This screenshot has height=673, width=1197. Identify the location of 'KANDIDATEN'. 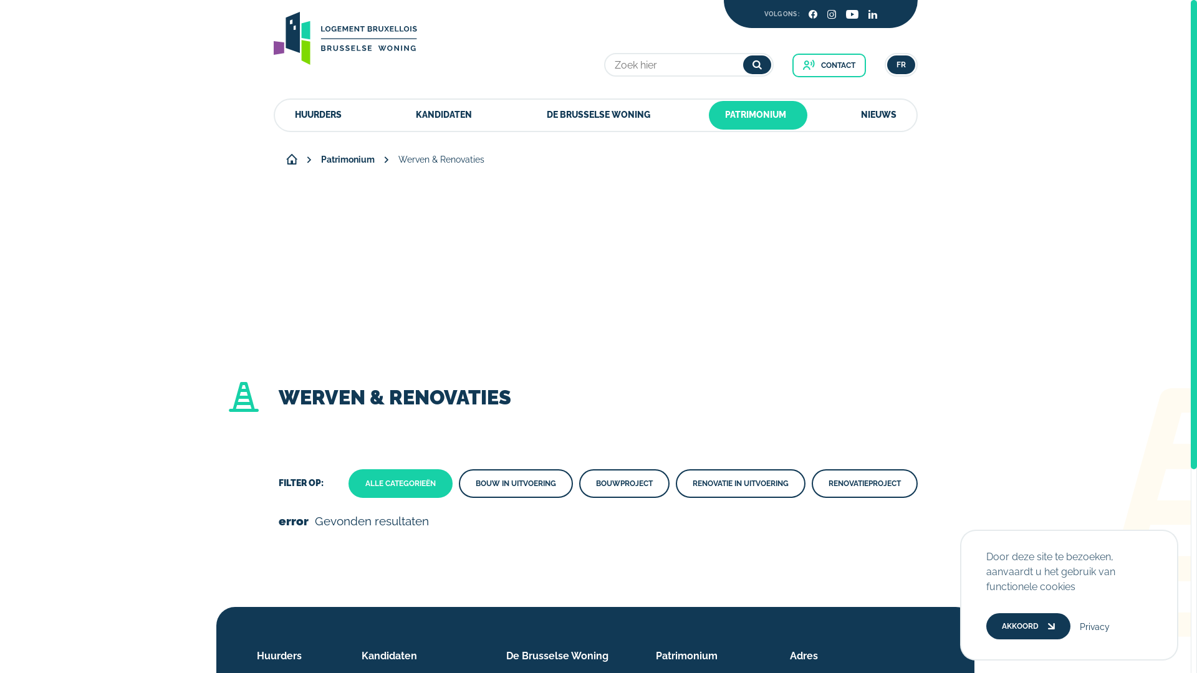
(443, 115).